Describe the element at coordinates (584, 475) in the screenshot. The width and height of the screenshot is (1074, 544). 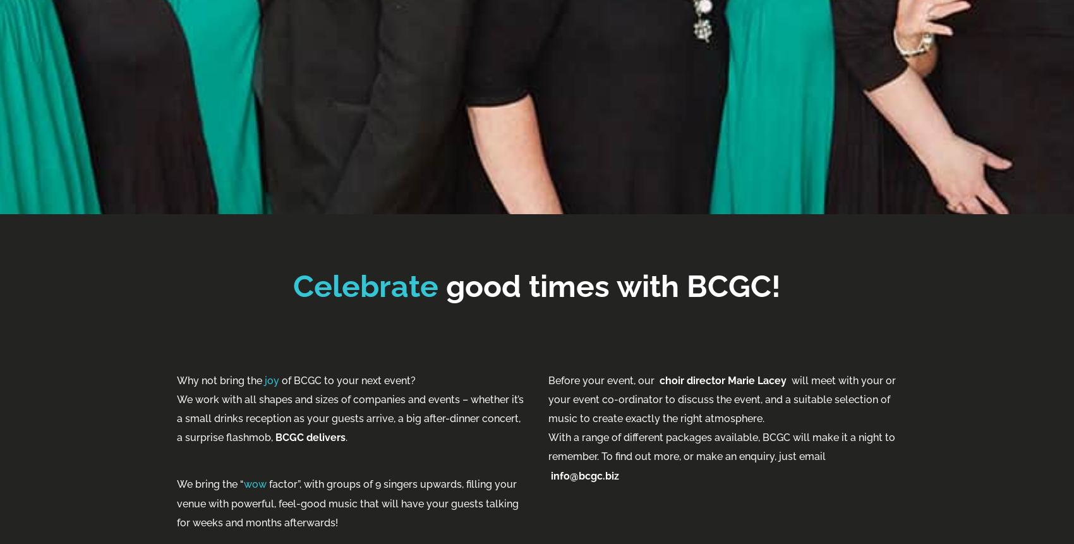
I see `'info@bcgc.biz'` at that location.